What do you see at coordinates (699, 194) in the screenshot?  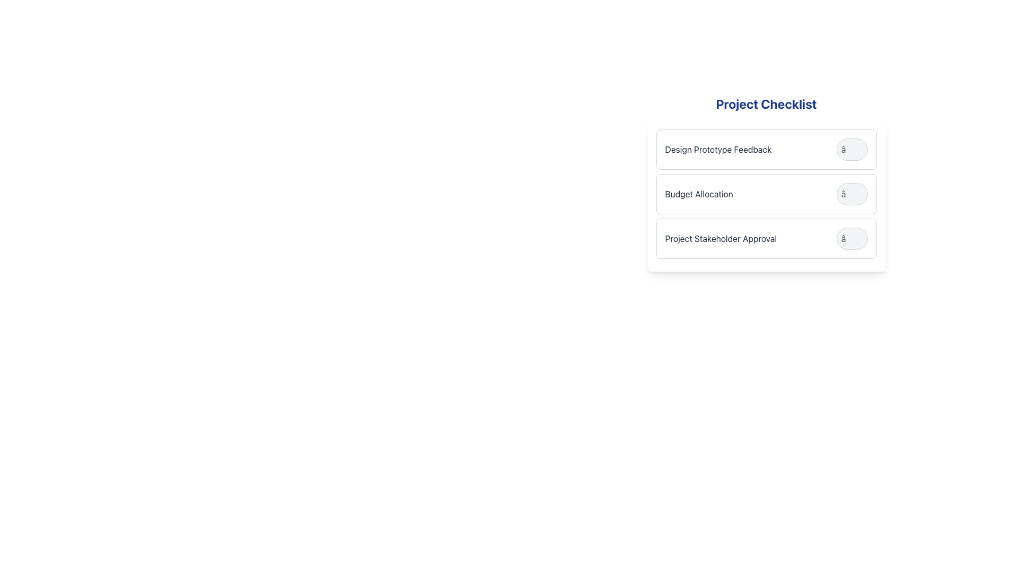 I see `the text label that indicates a task or category related to budget allocation, located as the second item in the 'Project Checklist' vertical list` at bounding box center [699, 194].